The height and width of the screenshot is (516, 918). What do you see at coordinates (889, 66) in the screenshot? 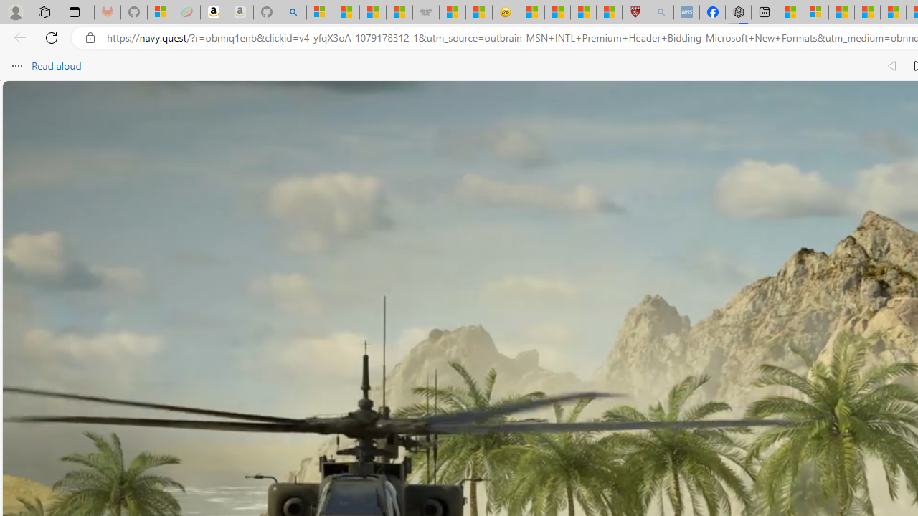
I see `'Read previous paragraph'` at bounding box center [889, 66].